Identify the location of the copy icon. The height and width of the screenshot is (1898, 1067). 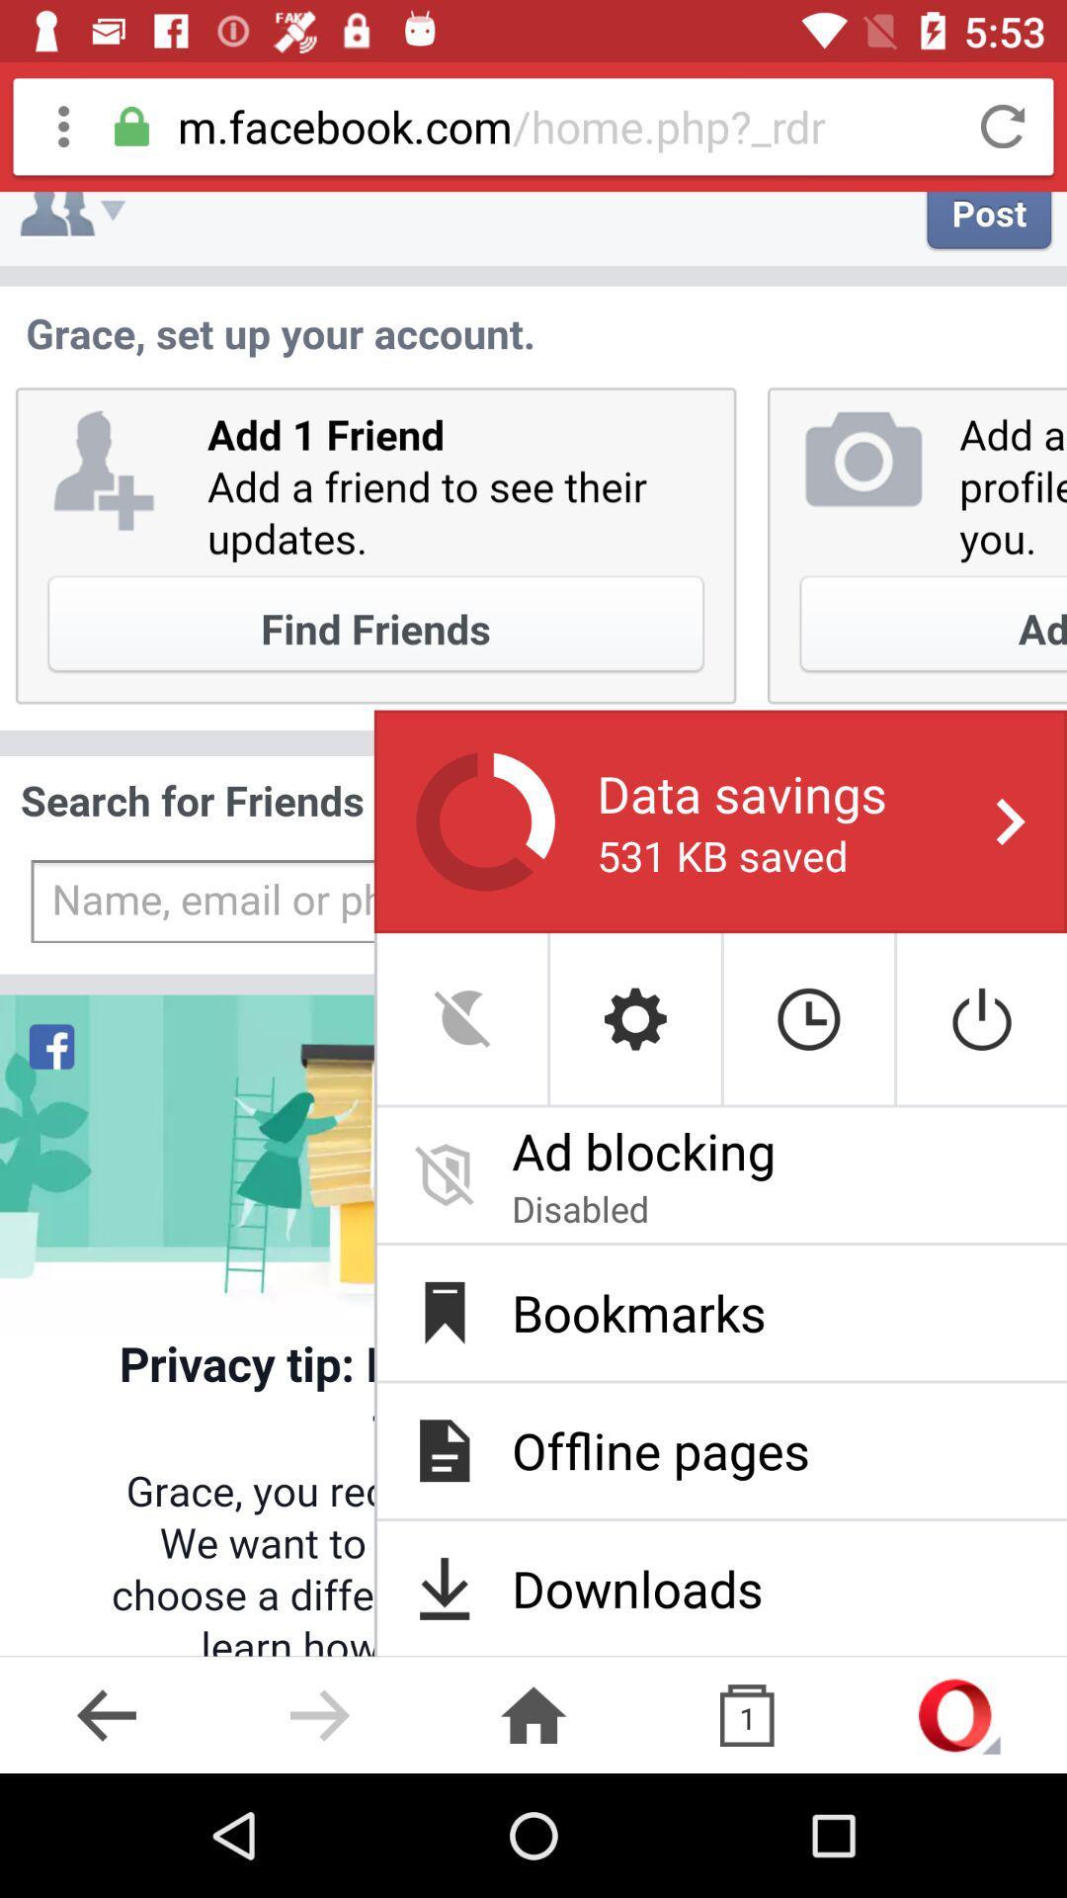
(747, 1714).